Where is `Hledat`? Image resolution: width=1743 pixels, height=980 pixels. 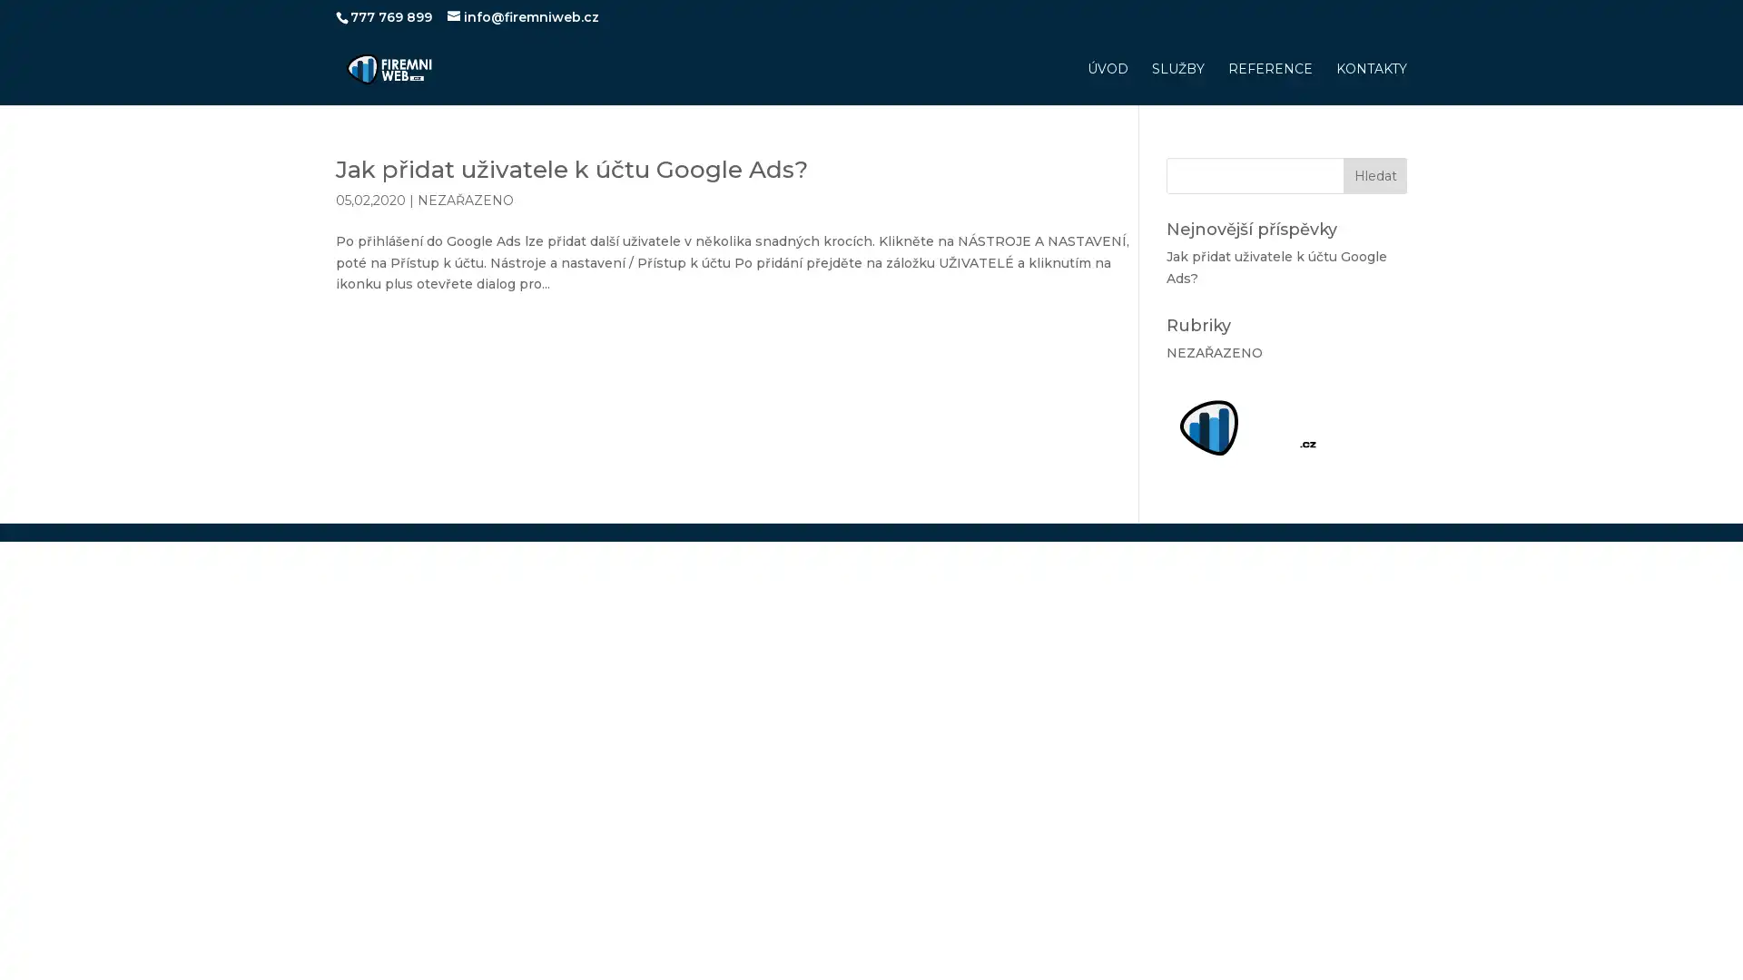
Hledat is located at coordinates (1375, 175).